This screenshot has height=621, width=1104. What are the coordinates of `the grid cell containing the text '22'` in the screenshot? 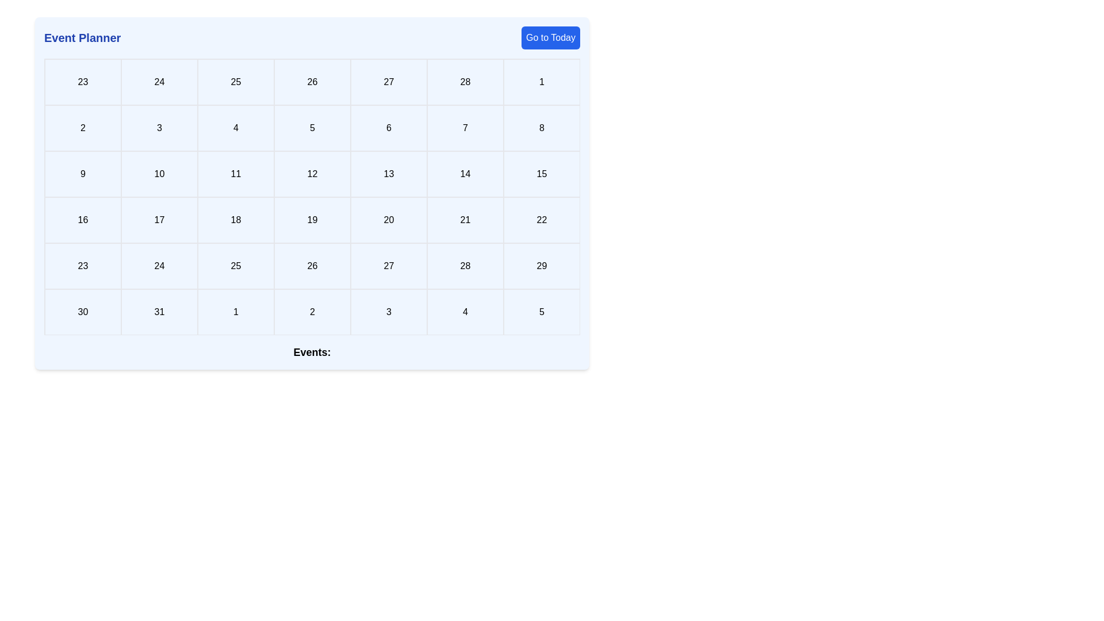 It's located at (541, 220).